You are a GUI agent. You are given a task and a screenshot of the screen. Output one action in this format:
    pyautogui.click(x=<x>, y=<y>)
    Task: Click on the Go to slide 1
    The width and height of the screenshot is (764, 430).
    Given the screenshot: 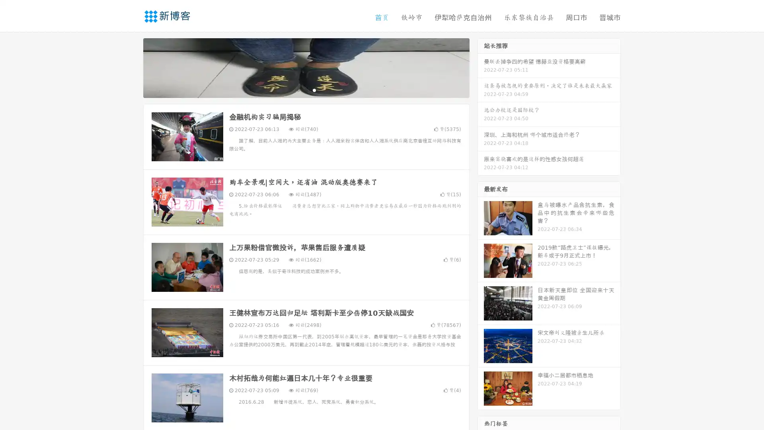 What is the action you would take?
    pyautogui.click(x=298, y=90)
    